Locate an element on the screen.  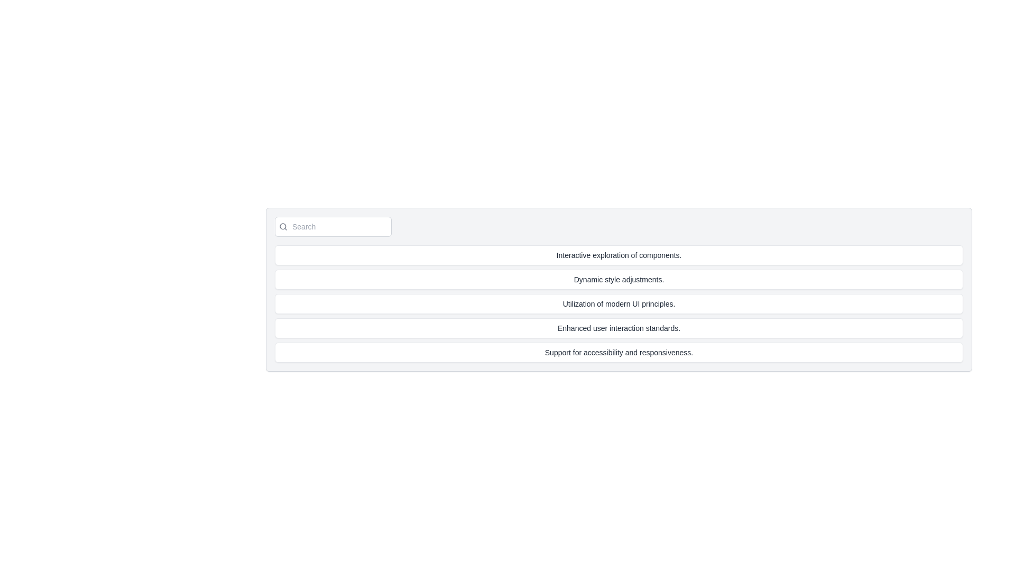
lowercase letter 'i' in the word 'Utilization' for its styling, located in the middle of the phrase 'Utilization of modern UI principles.' is located at coordinates (585, 303).